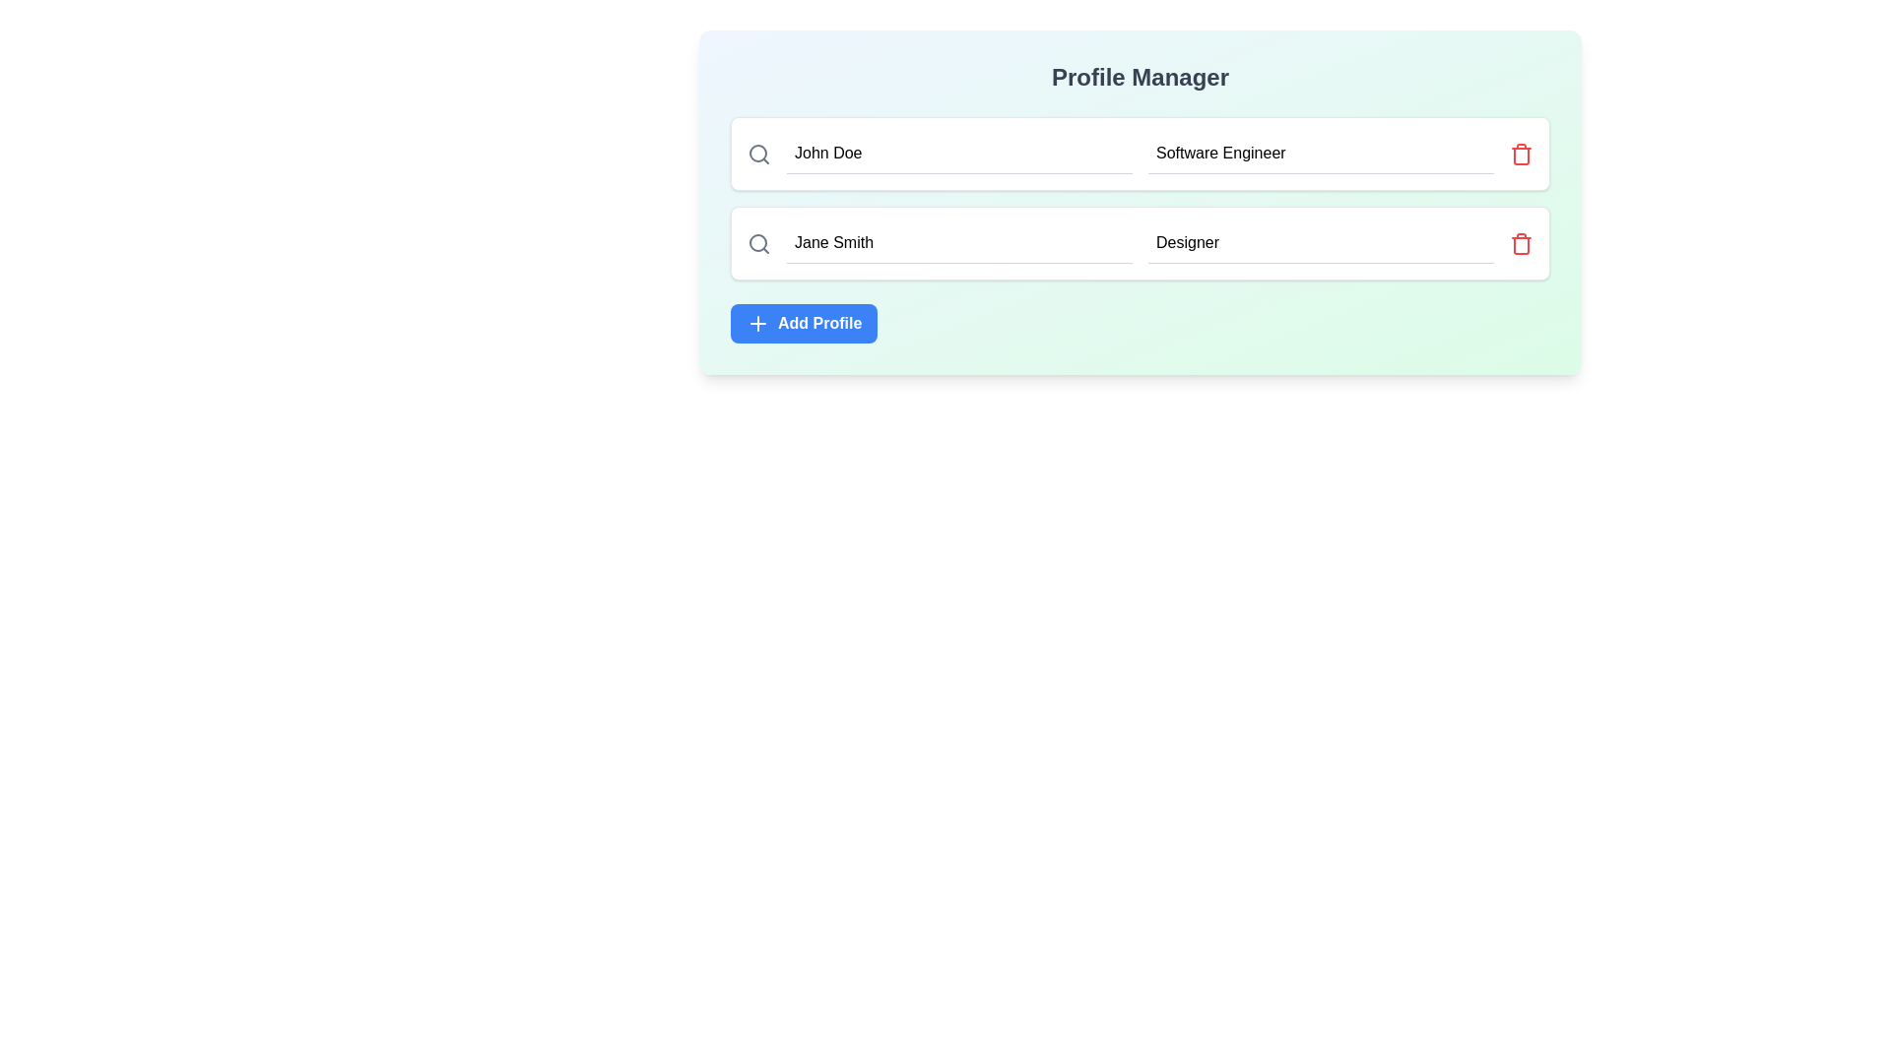 This screenshot has height=1063, width=1891. What do you see at coordinates (758, 242) in the screenshot?
I see `the search icon represented by a gray magnifying glass located to the left of the input field labeled 'Jane Smith' in the user profile list` at bounding box center [758, 242].